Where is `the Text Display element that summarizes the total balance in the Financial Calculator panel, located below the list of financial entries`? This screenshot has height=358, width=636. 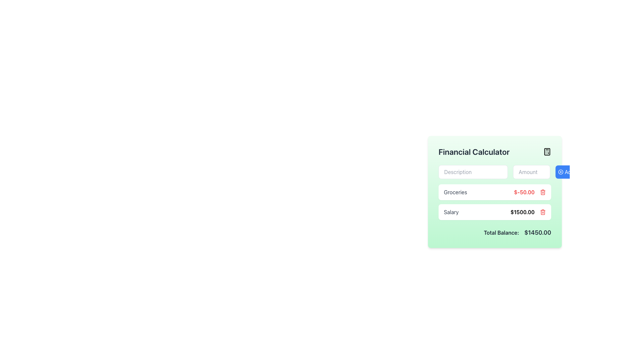 the Text Display element that summarizes the total balance in the Financial Calculator panel, located below the list of financial entries is located at coordinates (495, 232).